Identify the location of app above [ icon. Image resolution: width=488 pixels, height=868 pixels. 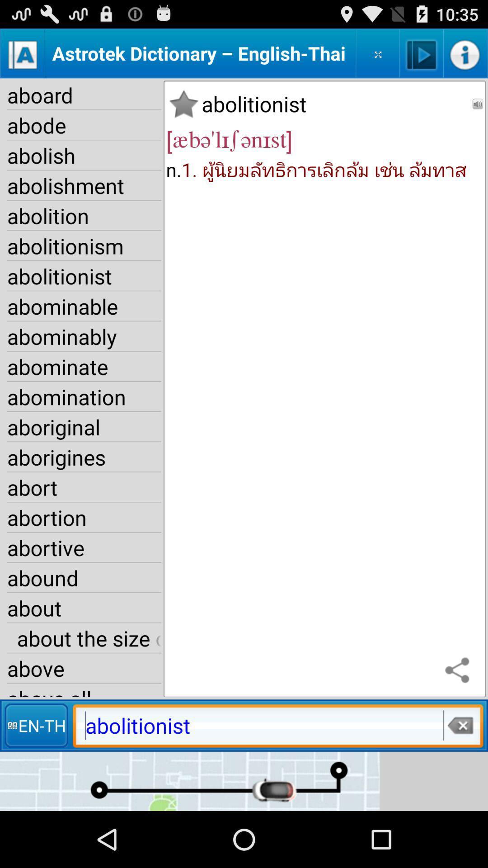
(183, 104).